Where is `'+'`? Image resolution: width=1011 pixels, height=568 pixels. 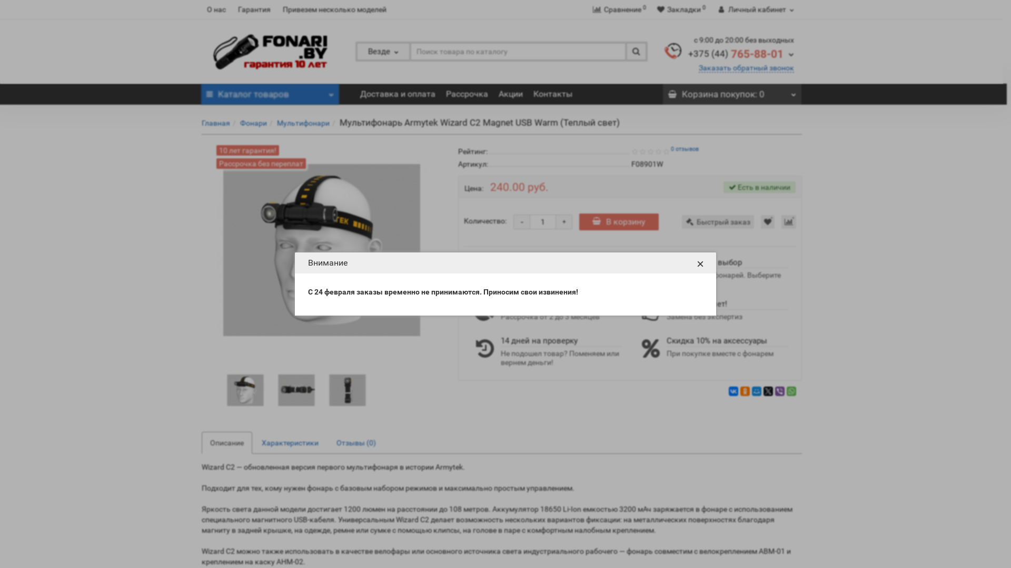 '+' is located at coordinates (563, 221).